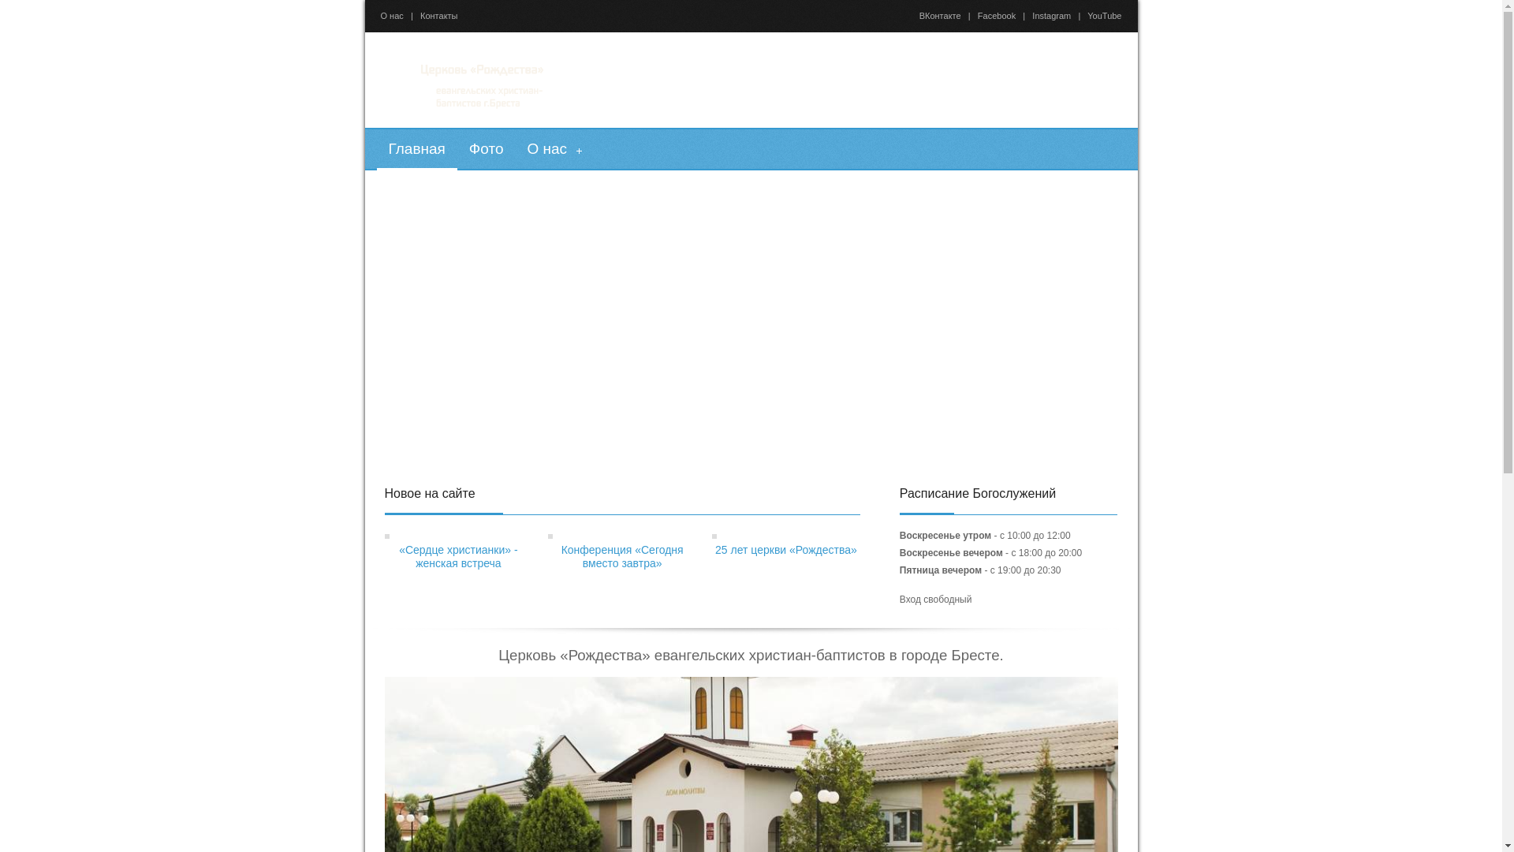  What do you see at coordinates (1051, 15) in the screenshot?
I see `'Instagram'` at bounding box center [1051, 15].